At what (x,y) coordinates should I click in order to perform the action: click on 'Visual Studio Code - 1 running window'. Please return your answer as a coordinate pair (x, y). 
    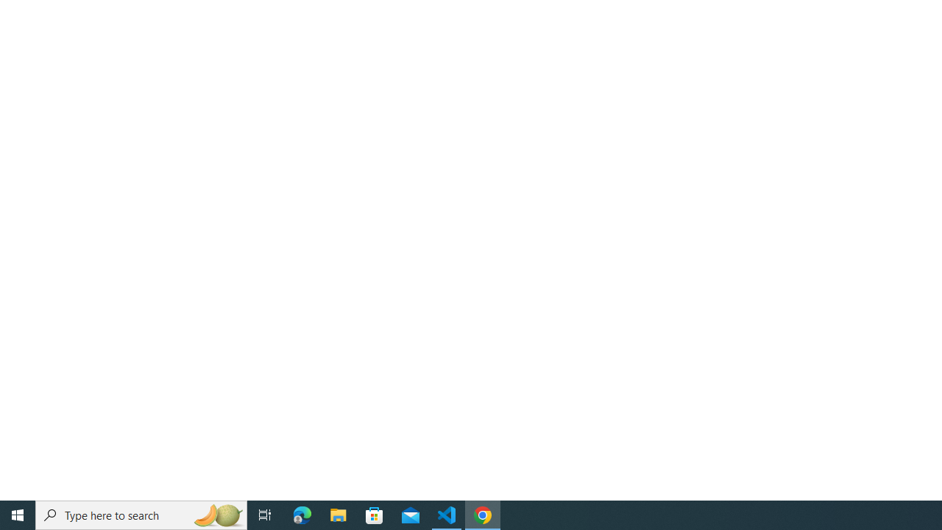
    Looking at the image, I should click on (446, 514).